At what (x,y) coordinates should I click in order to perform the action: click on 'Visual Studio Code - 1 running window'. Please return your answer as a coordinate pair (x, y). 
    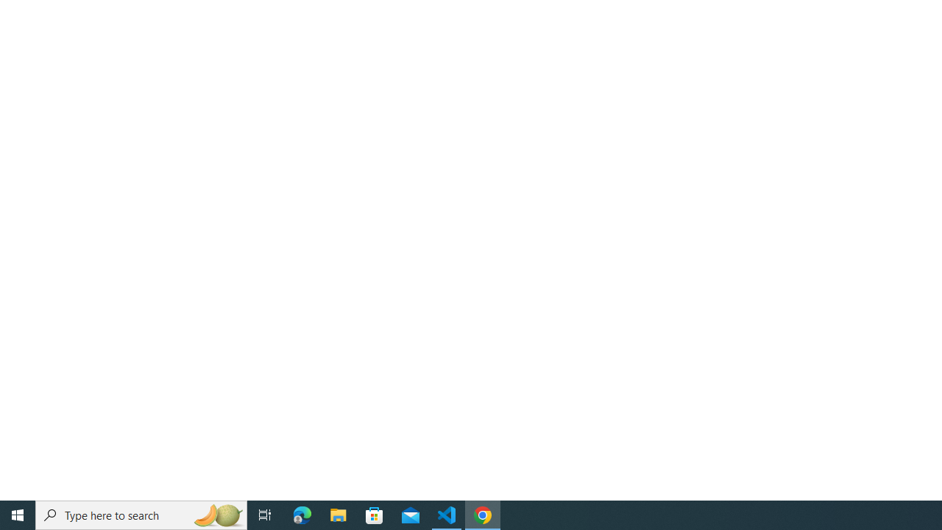
    Looking at the image, I should click on (446, 514).